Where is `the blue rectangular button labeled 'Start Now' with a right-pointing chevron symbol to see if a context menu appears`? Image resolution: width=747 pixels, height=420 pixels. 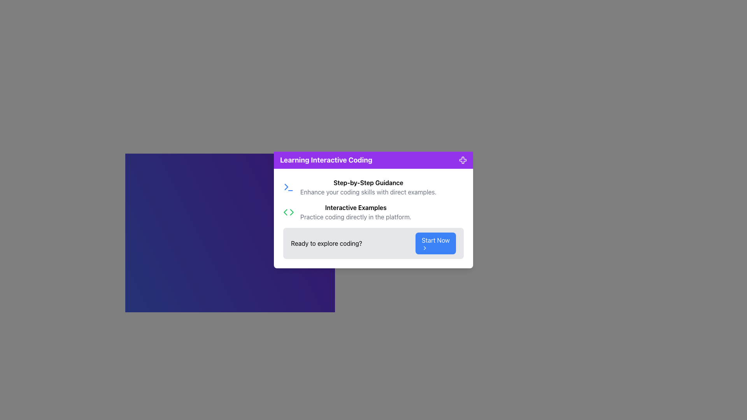
the blue rectangular button labeled 'Start Now' with a right-pointing chevron symbol to see if a context menu appears is located at coordinates (435, 243).